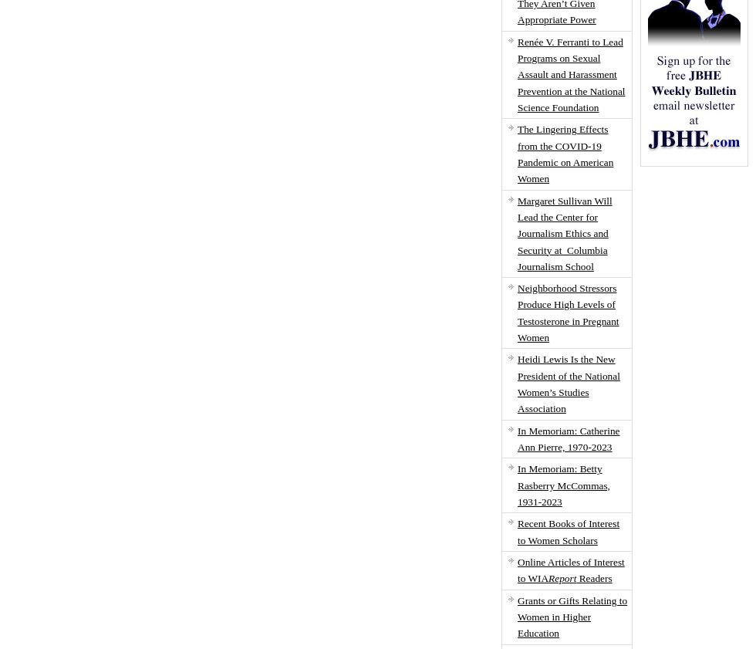 This screenshot has height=649, width=756. What do you see at coordinates (565, 153) in the screenshot?
I see `'The Lingering  Effects from the COVID-19 Pandemic on American Women'` at bounding box center [565, 153].